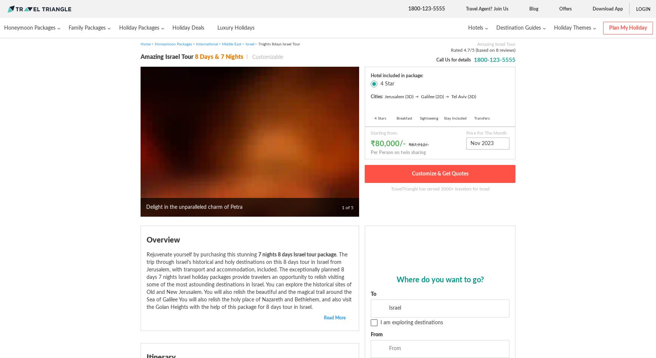 This screenshot has height=358, width=656. Describe the element at coordinates (30, 27) in the screenshot. I see `'Honeymoon Packages'` at that location.